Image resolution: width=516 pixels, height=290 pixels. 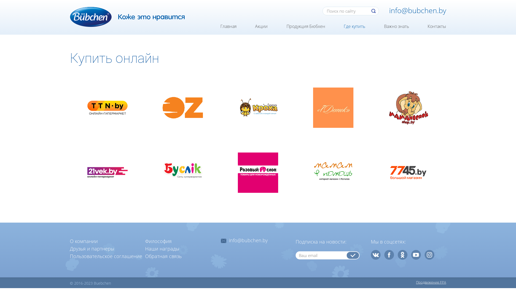 What do you see at coordinates (417, 10) in the screenshot?
I see `'info@bubchen.by'` at bounding box center [417, 10].